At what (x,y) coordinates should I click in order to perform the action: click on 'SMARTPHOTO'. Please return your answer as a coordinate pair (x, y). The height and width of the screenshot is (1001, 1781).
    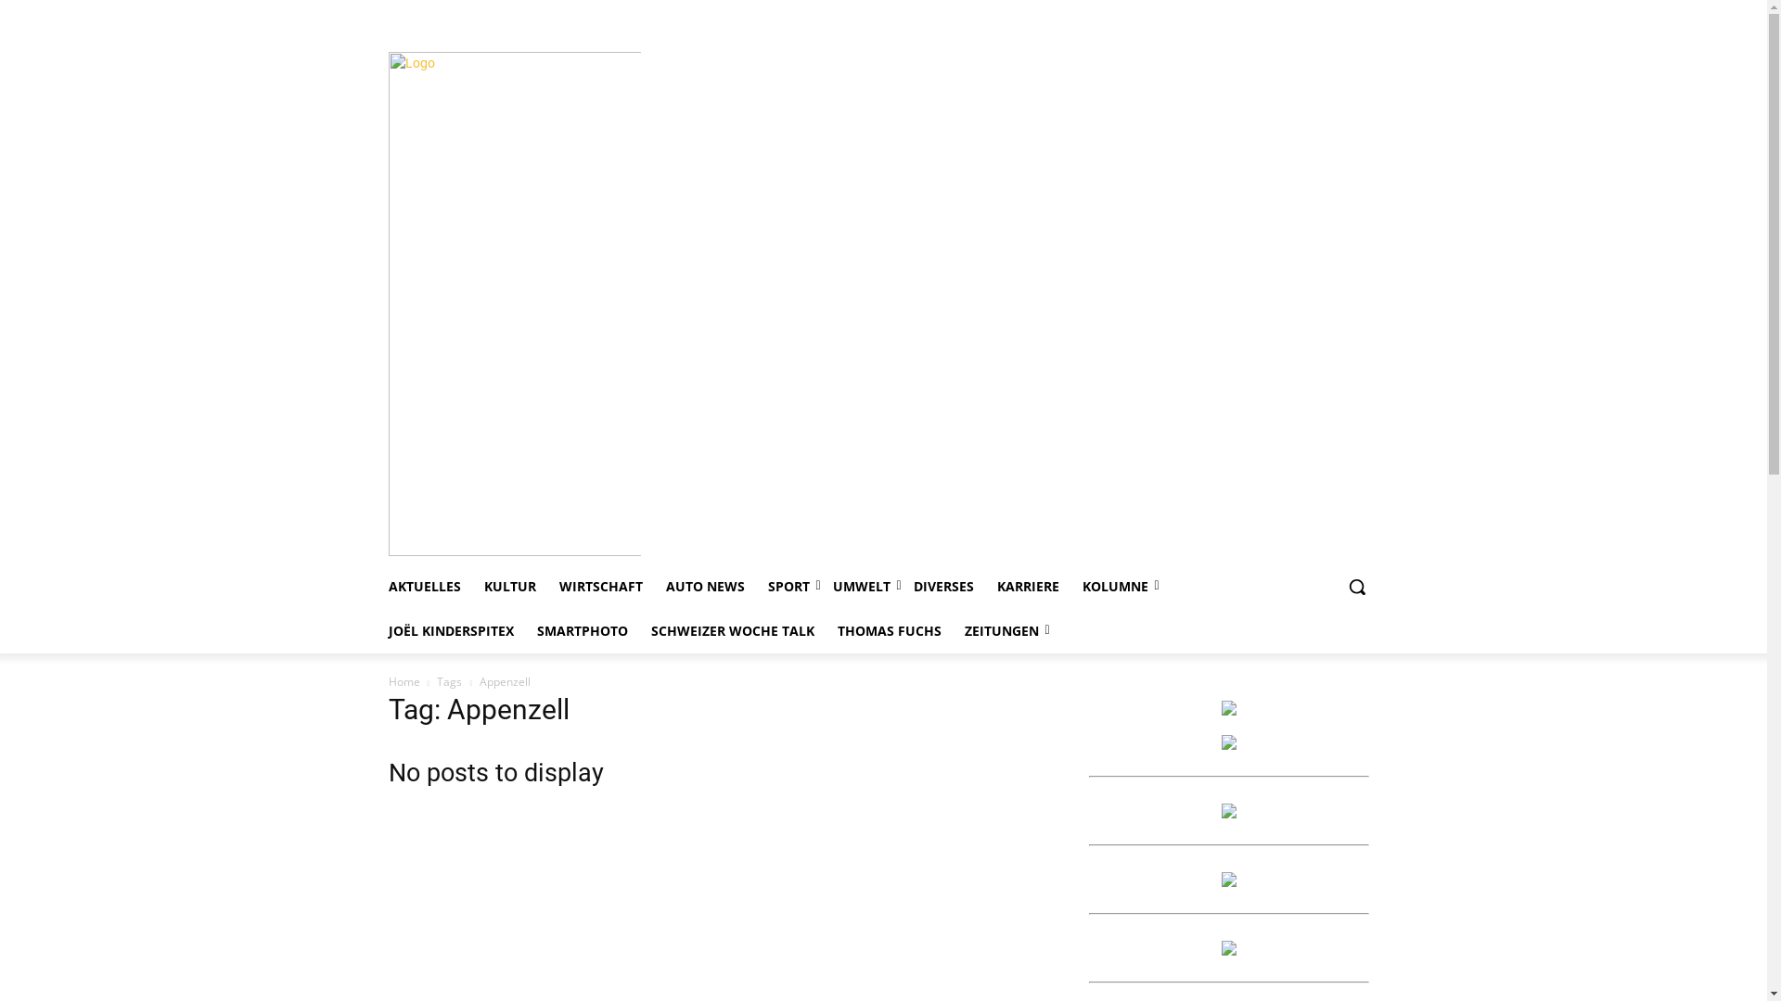
    Looking at the image, I should click on (581, 630).